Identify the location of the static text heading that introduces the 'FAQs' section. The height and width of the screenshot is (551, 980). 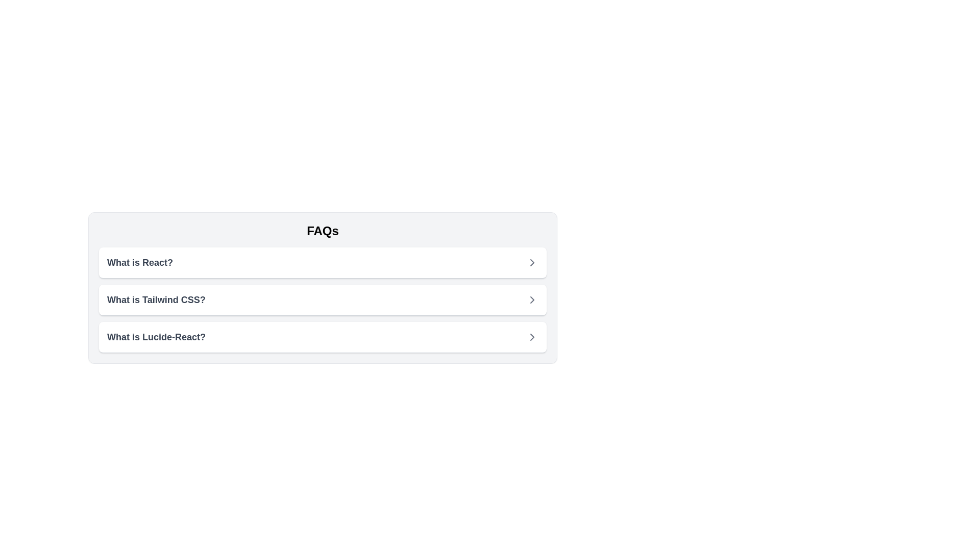
(322, 231).